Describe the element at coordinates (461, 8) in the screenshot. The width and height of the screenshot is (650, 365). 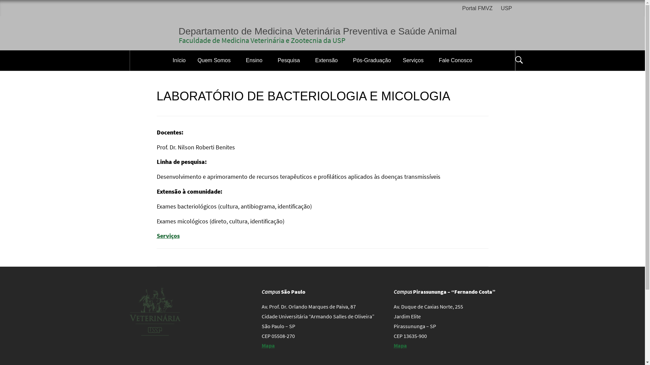
I see `'Portal FMVZ'` at that location.